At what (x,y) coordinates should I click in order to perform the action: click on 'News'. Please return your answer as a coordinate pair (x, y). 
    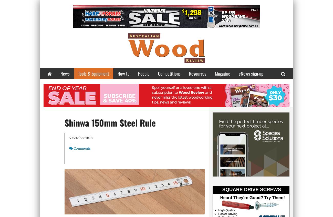
    Looking at the image, I should click on (65, 73).